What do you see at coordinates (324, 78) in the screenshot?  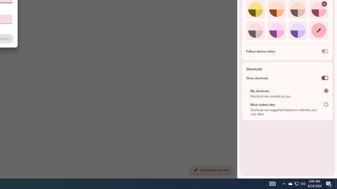 I see `'Show shortcuts'` at bounding box center [324, 78].